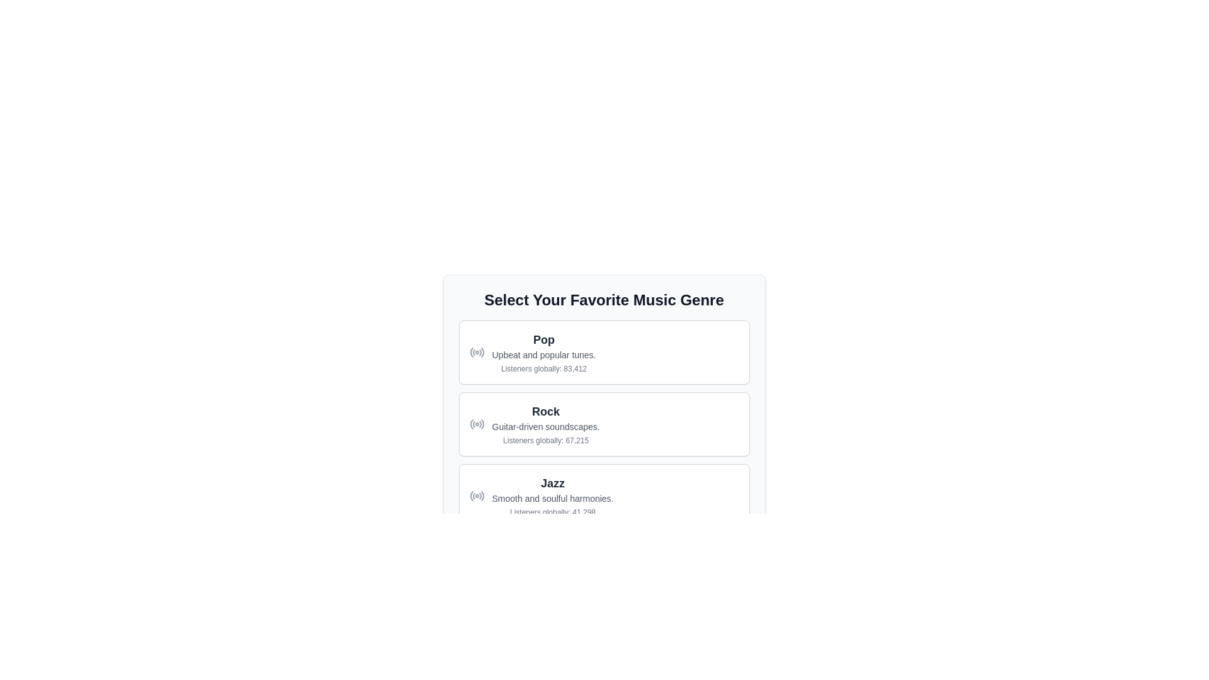  Describe the element at coordinates (476, 352) in the screenshot. I see `the radio icon representing broadcasting functionality located in the first option card labeled 'Pop', above the text 'Upbeat and popular tunes'` at that location.